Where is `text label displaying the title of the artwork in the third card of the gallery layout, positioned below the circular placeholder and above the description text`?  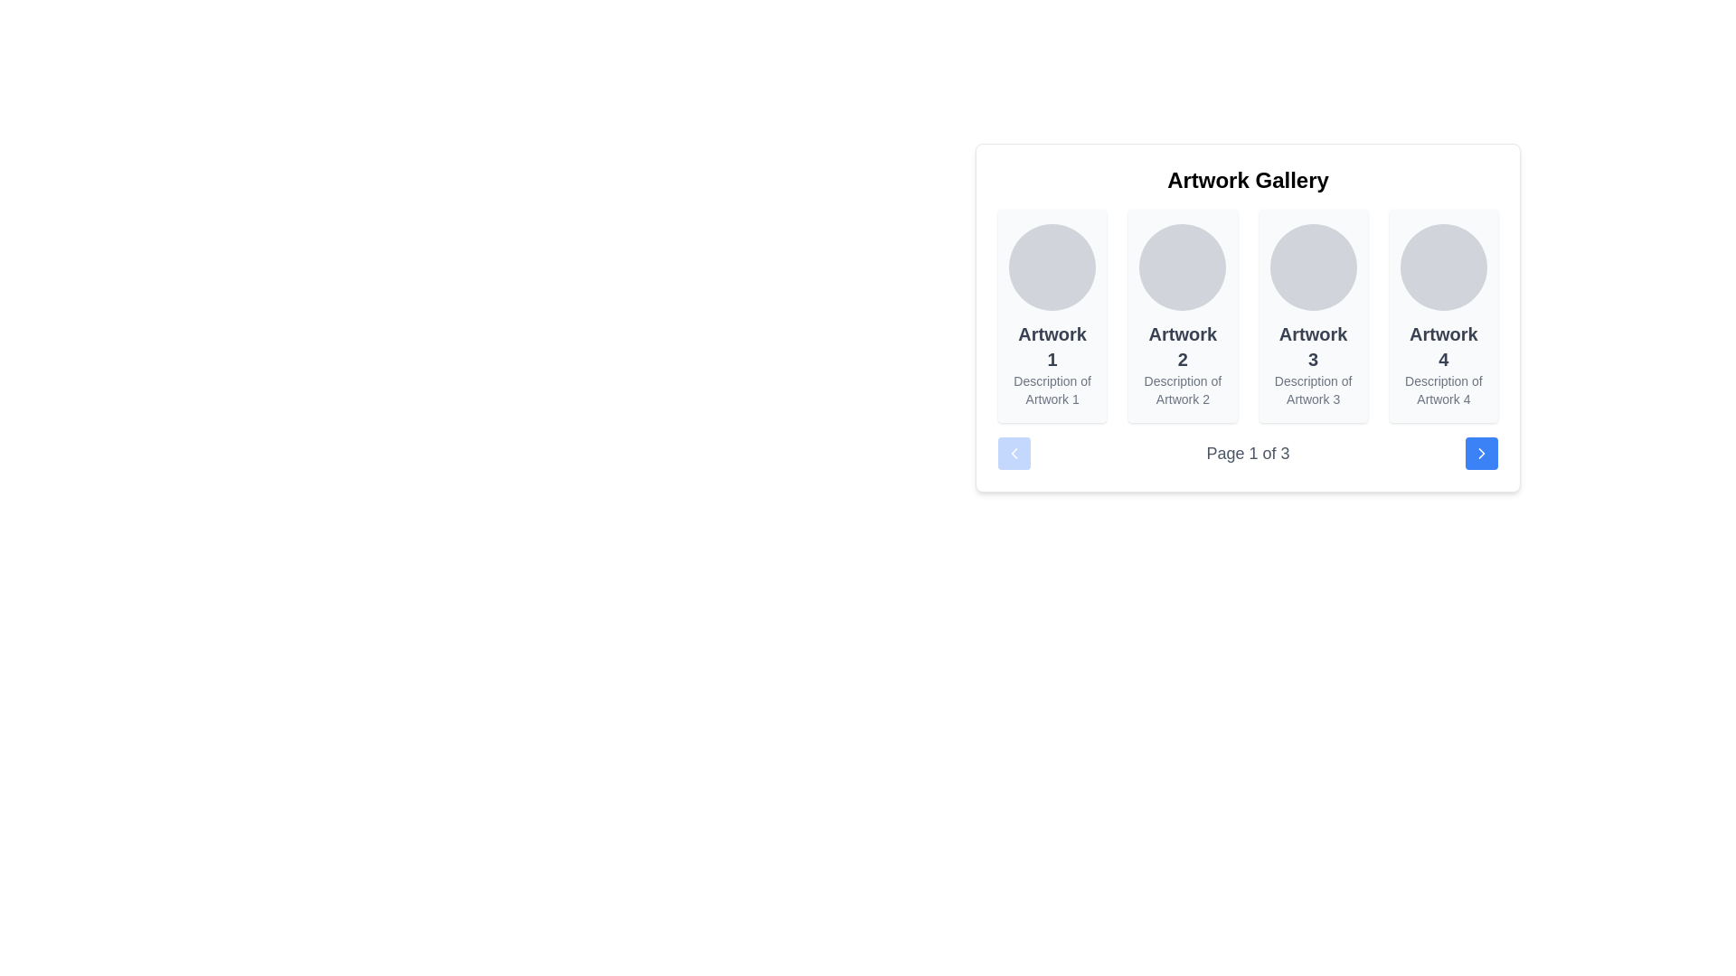
text label displaying the title of the artwork in the third card of the gallery layout, positioned below the circular placeholder and above the description text is located at coordinates (1313, 347).